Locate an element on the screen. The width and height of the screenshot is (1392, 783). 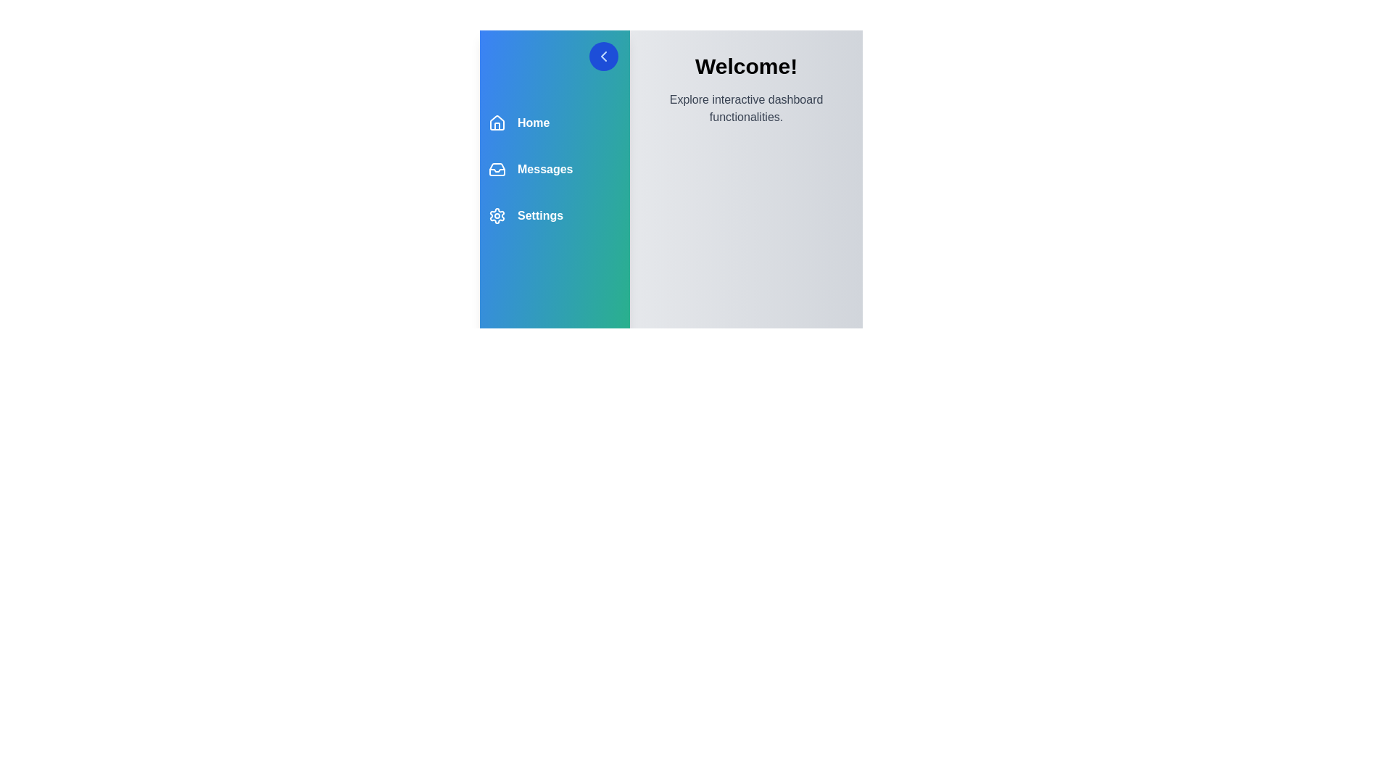
the navigation button located at the top-right corner of the left sidebar is located at coordinates (604, 55).